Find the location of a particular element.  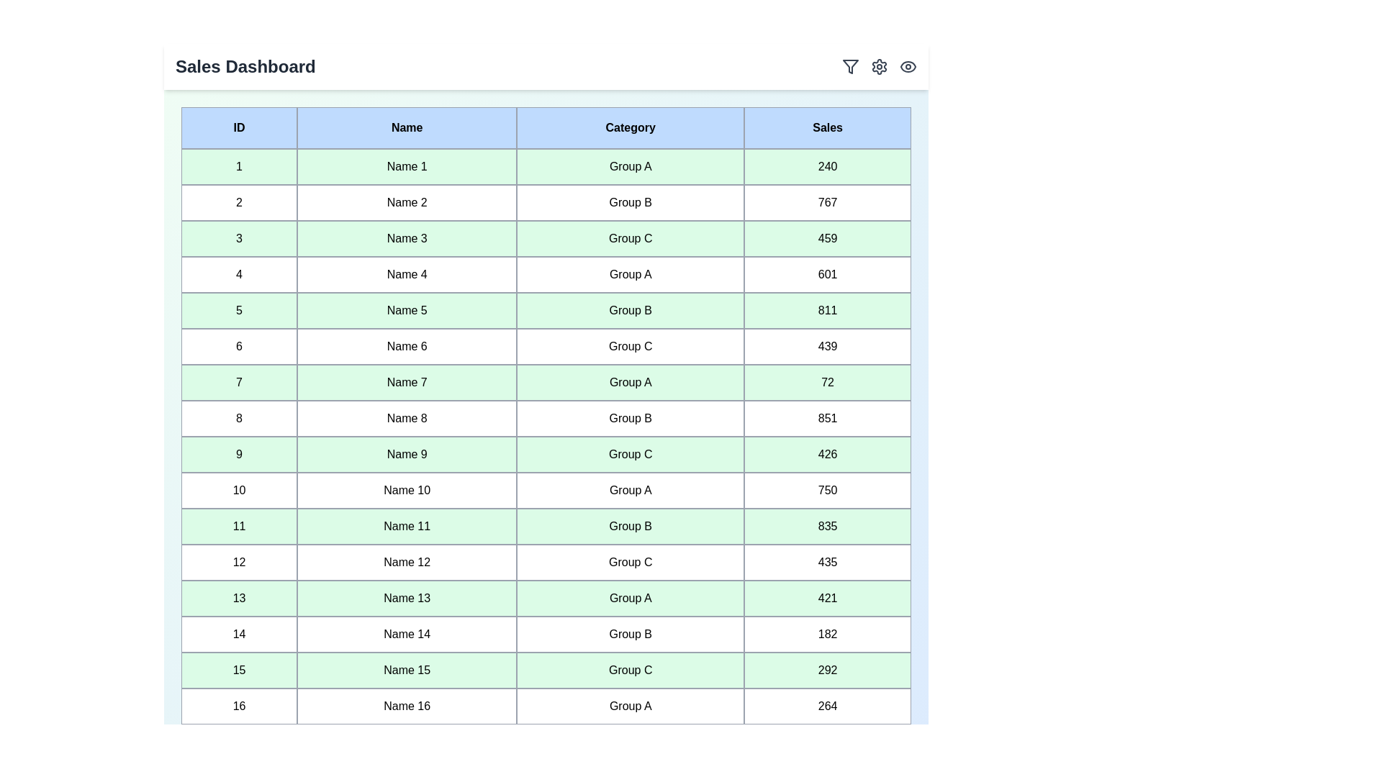

the eye icon to toggle the visibility mode is located at coordinates (908, 66).